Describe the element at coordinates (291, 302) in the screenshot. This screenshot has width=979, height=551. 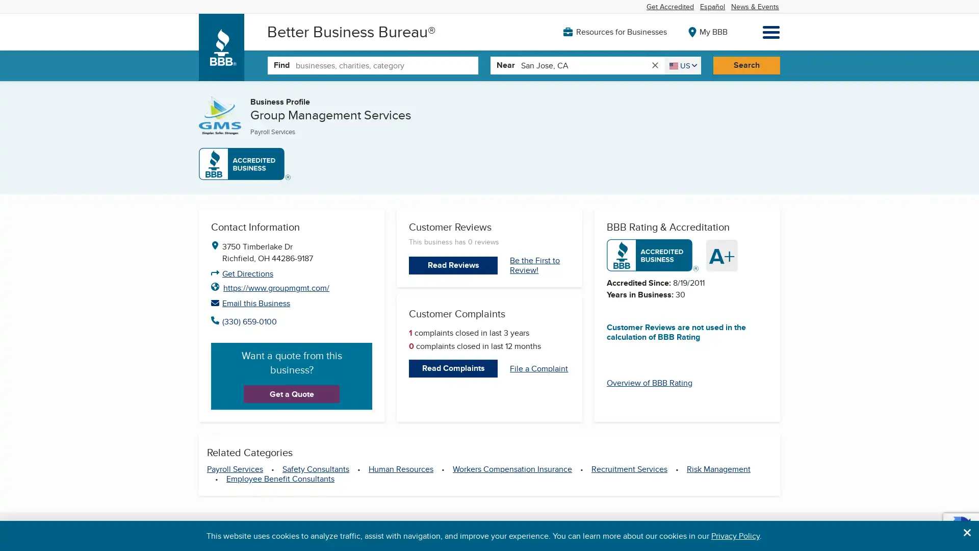
I see `Email this Business` at that location.